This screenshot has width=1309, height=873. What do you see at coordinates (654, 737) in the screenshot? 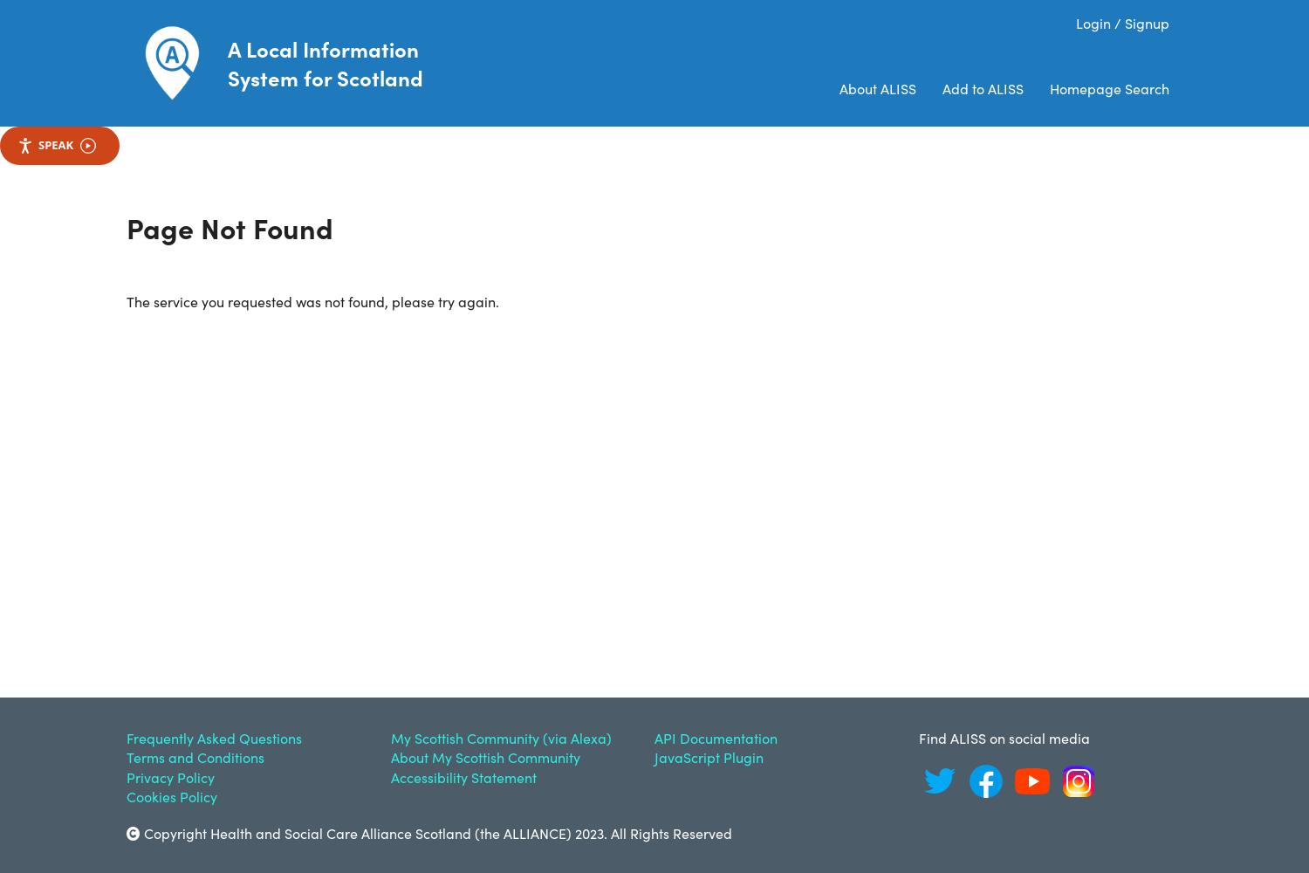
I see `'API Documentation'` at bounding box center [654, 737].